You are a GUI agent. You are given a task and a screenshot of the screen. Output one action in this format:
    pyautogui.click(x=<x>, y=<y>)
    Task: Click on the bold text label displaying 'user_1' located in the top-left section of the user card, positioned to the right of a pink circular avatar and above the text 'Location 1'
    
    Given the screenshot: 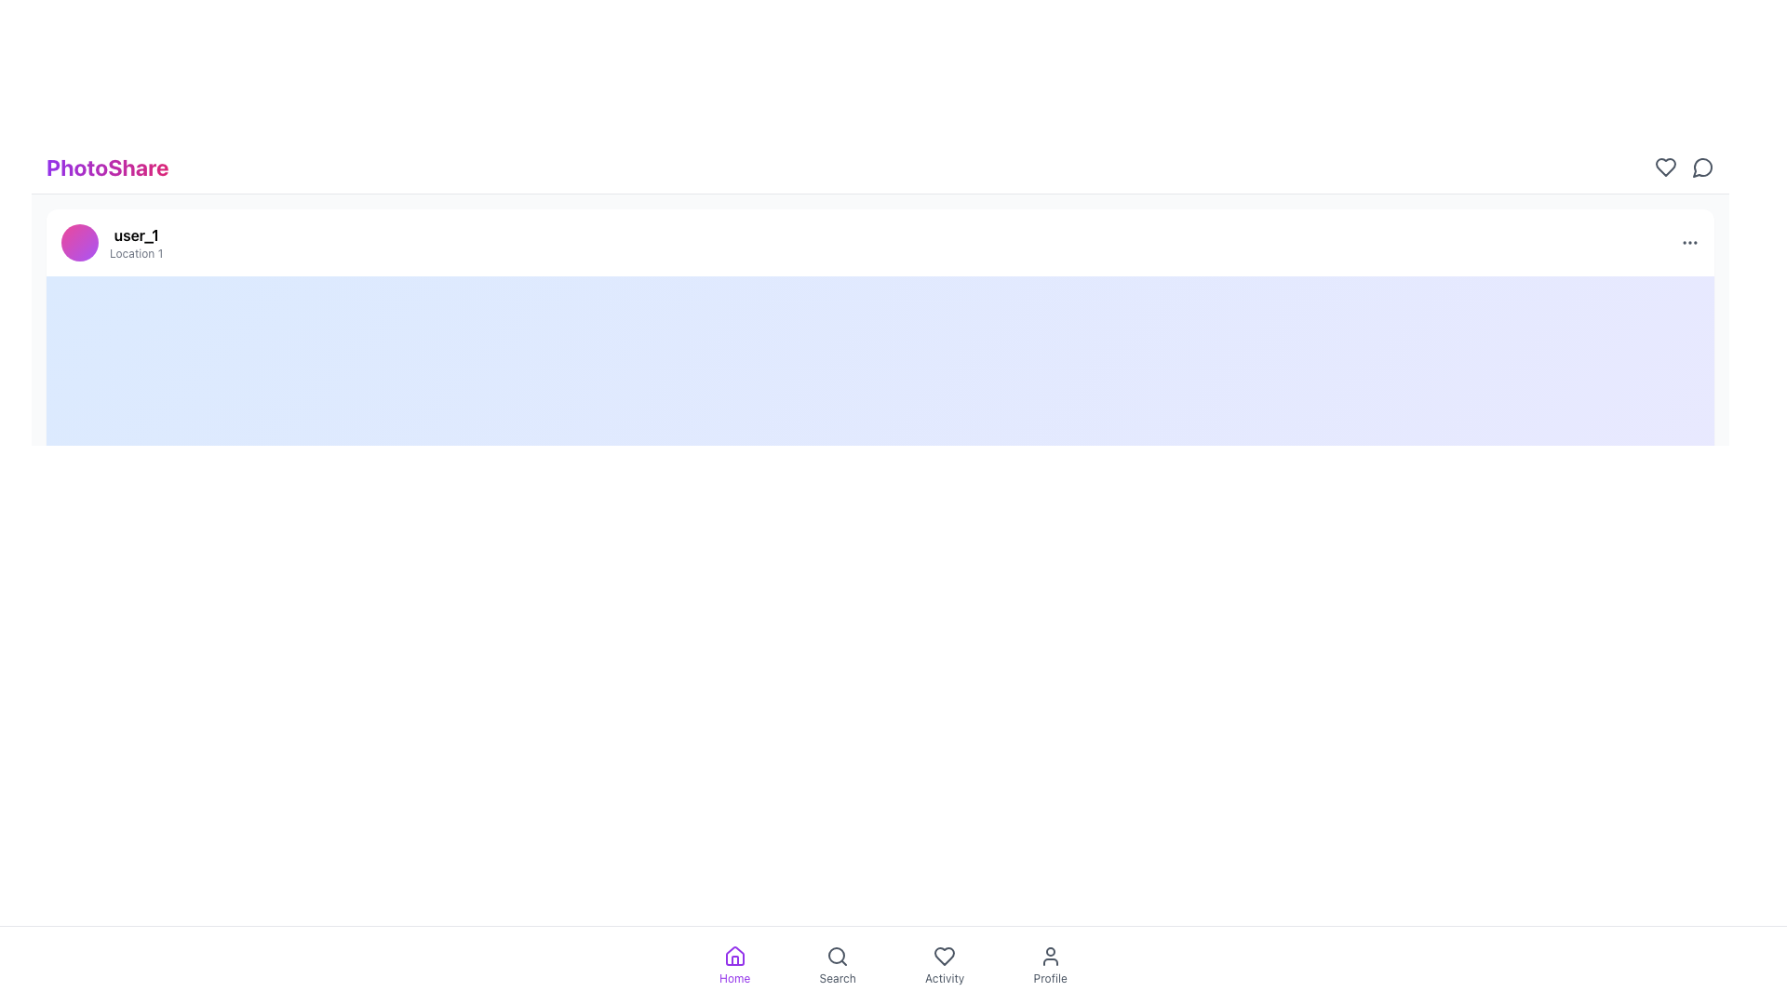 What is the action you would take?
    pyautogui.click(x=135, y=234)
    